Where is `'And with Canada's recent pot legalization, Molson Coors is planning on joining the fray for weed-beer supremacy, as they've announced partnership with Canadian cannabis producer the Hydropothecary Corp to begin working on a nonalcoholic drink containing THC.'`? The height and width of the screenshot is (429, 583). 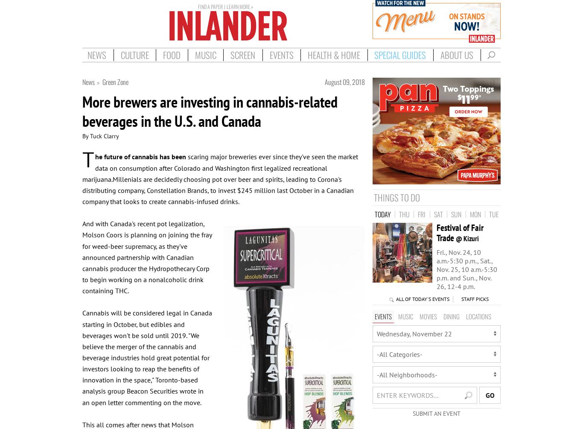 'And with Canada's recent pot legalization, Molson Coors is planning on joining the fray for weed-beer supremacy, as they've announced partnership with Canadian cannabis producer the Hydropothecary Corp to begin working on a nonalcoholic drink containing THC.' is located at coordinates (146, 257).